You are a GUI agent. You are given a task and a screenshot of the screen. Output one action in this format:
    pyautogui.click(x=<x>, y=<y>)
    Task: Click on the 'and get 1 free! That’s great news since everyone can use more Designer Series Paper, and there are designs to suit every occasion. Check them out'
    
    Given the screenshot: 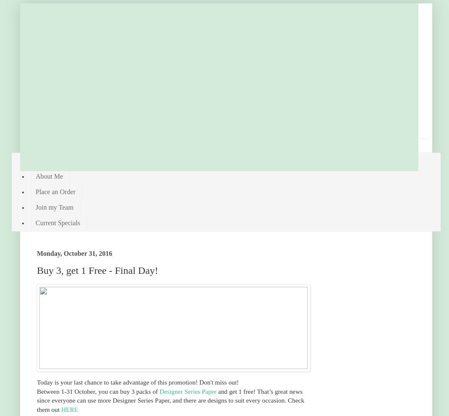 What is the action you would take?
    pyautogui.click(x=170, y=400)
    